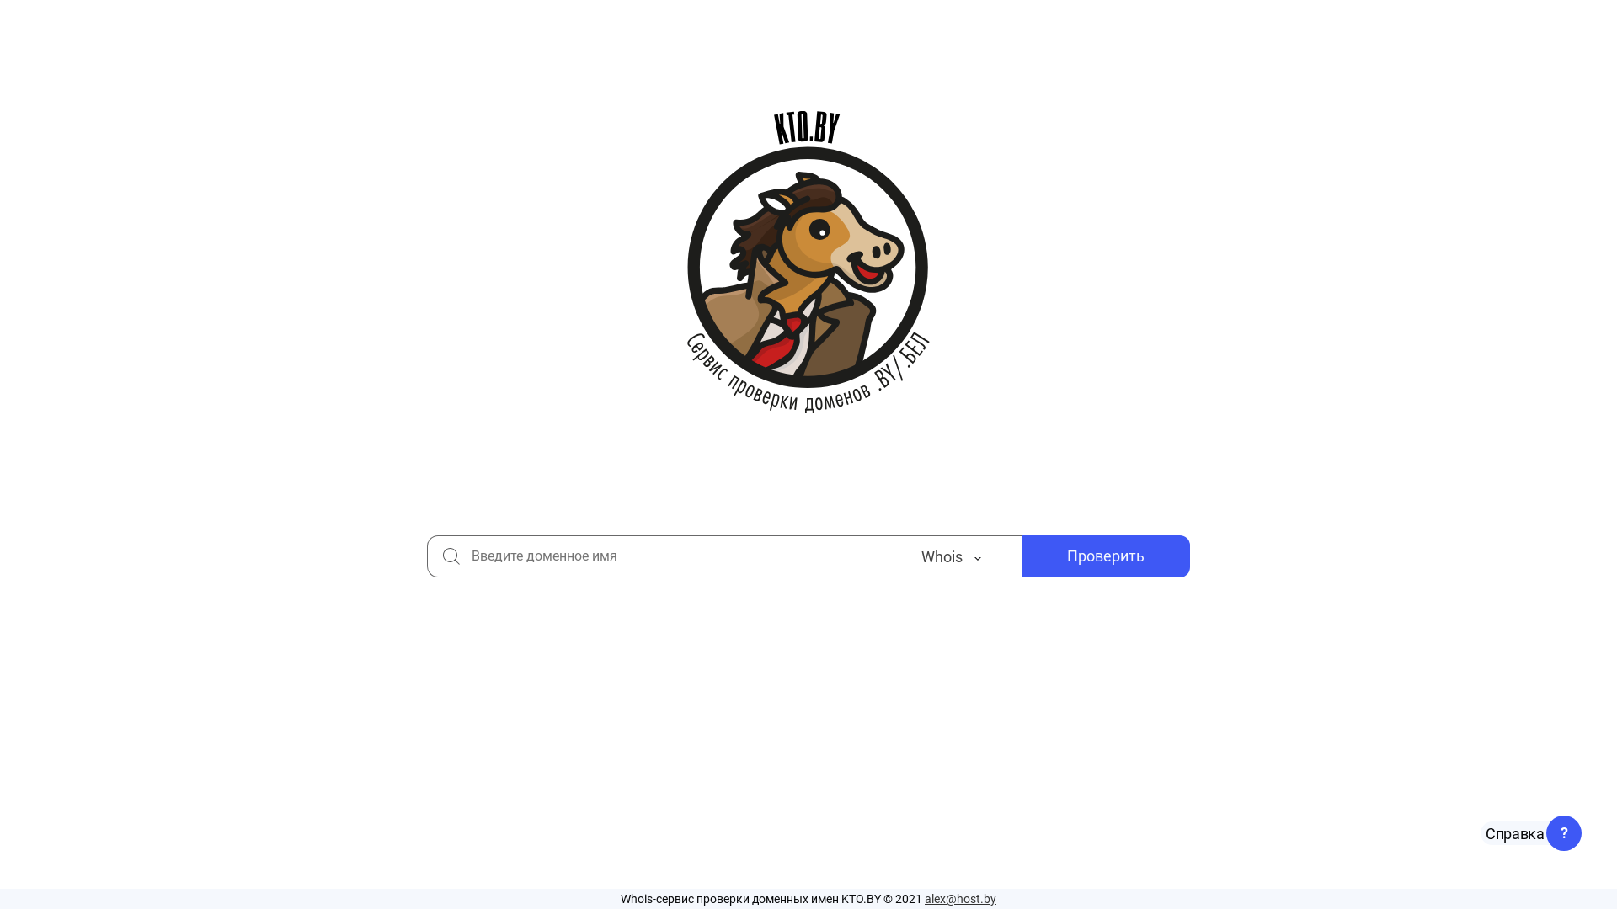  What do you see at coordinates (960, 898) in the screenshot?
I see `'alex@host.by'` at bounding box center [960, 898].